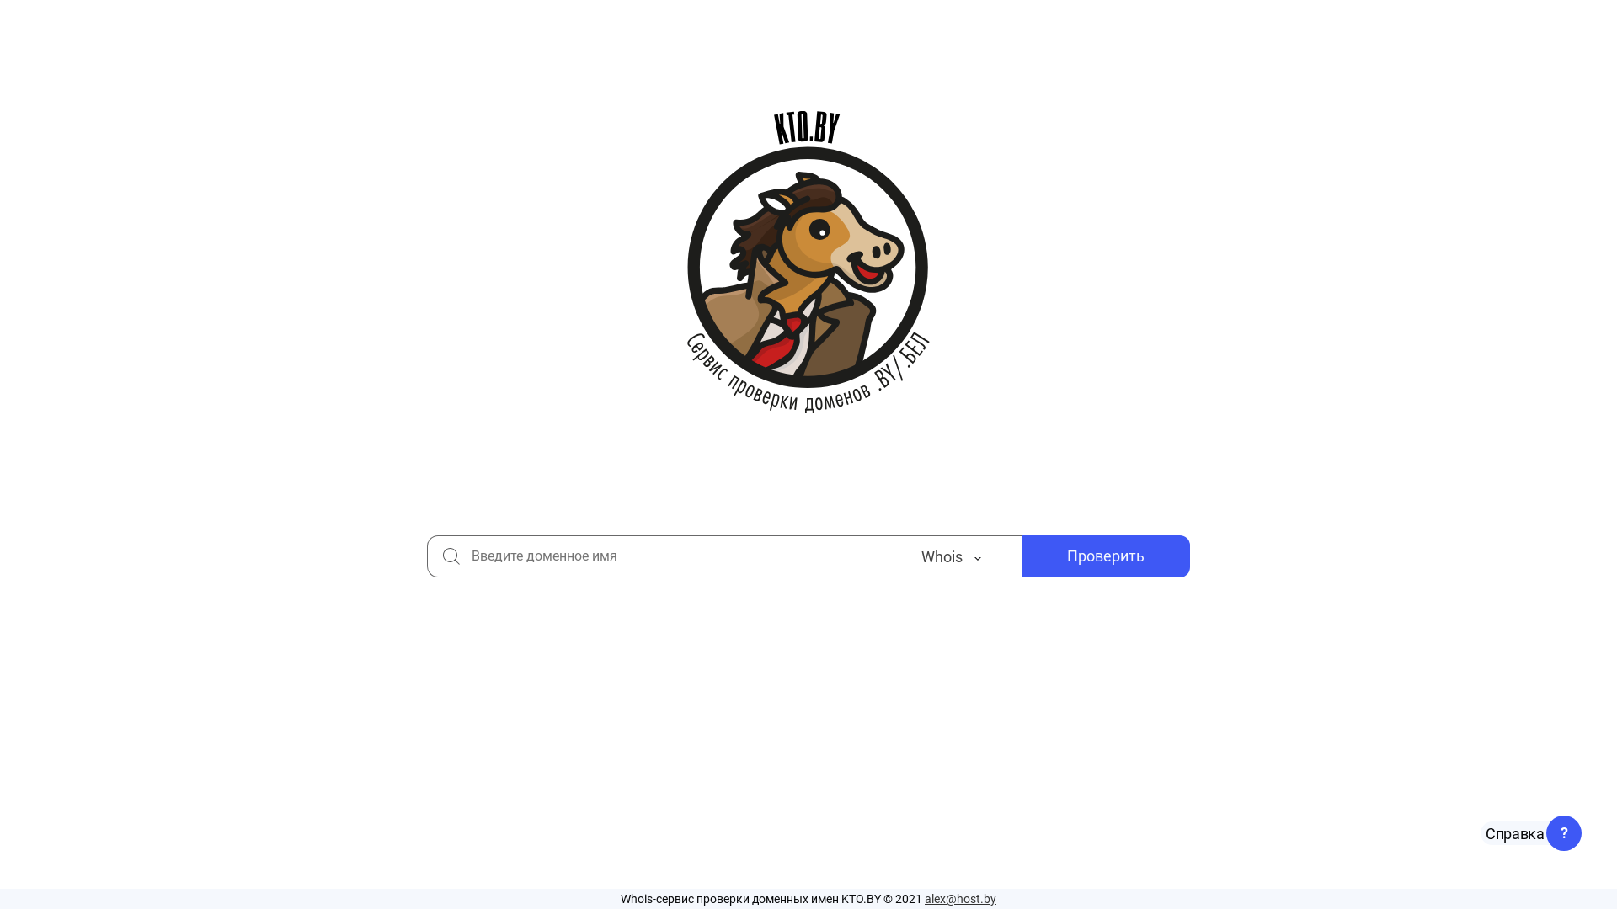  What do you see at coordinates (960, 898) in the screenshot?
I see `'alex@host.by'` at bounding box center [960, 898].